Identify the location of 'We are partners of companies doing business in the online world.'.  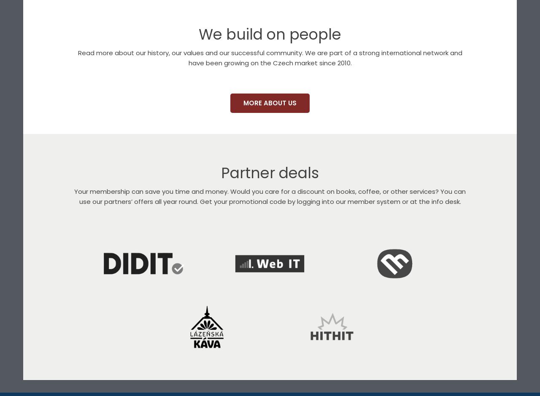
(269, 376).